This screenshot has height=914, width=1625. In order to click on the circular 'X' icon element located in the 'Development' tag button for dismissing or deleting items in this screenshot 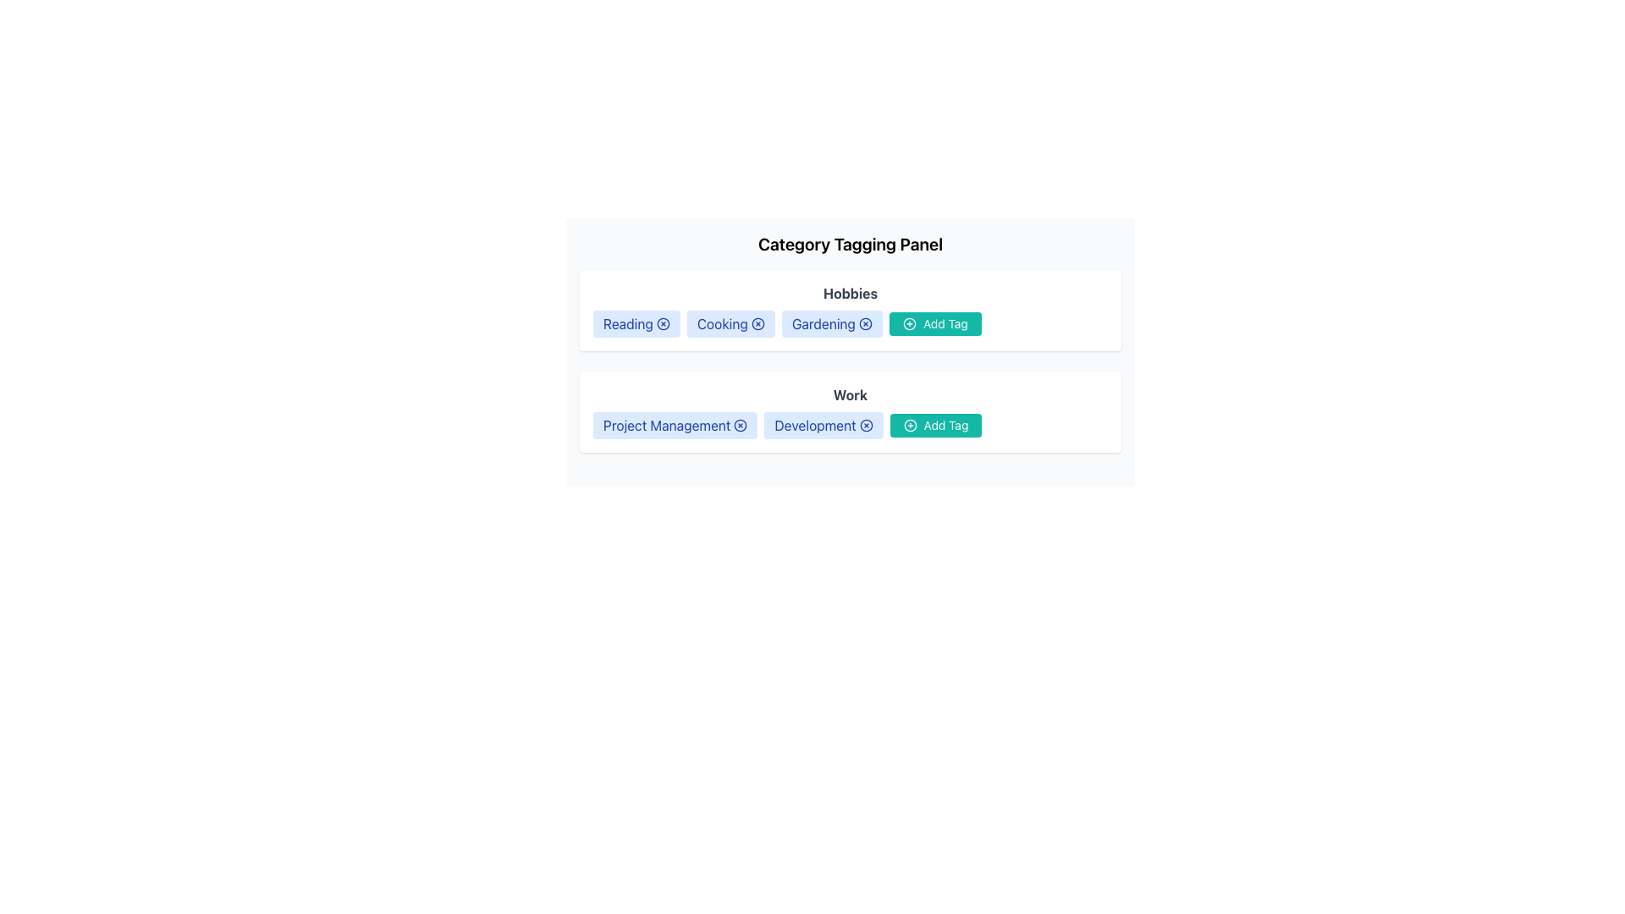, I will do `click(866, 424)`.